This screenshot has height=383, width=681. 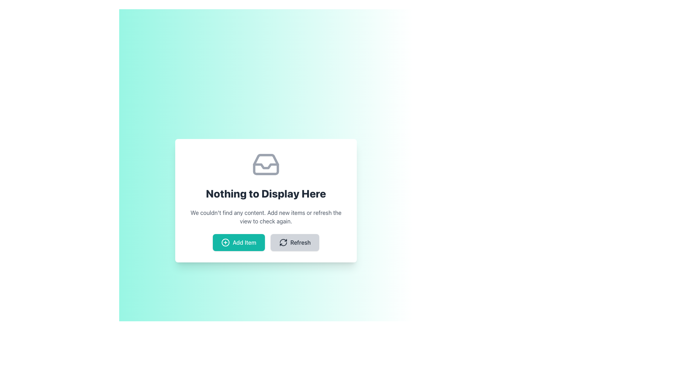 What do you see at coordinates (295, 242) in the screenshot?
I see `the refresh button located to the right of the 'Add Item' button at the bottom of the centered card element to observe the hover effects` at bounding box center [295, 242].